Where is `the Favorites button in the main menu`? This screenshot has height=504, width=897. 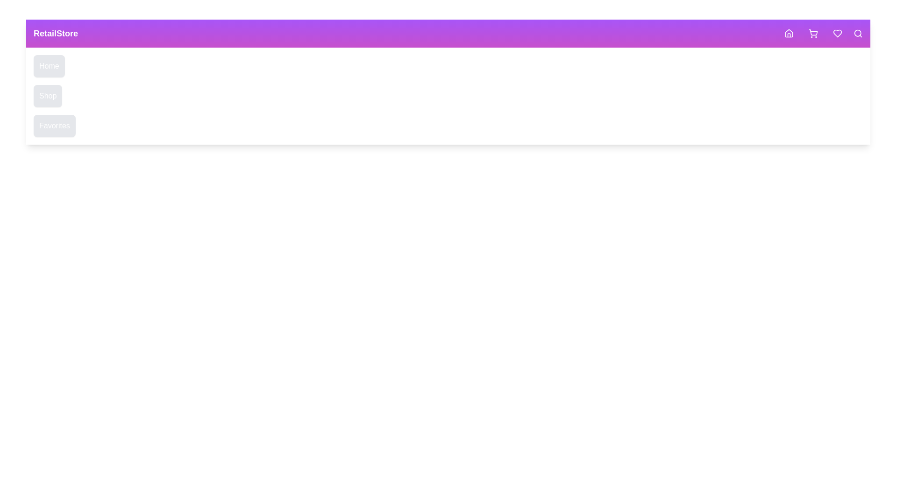
the Favorites button in the main menu is located at coordinates (54, 126).